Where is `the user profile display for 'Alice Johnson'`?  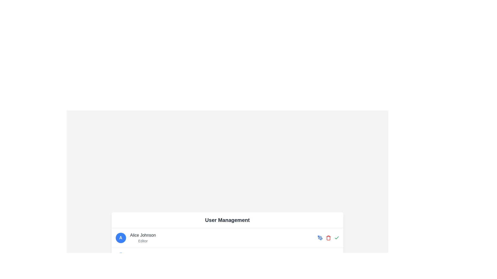 the user profile display for 'Alice Johnson' is located at coordinates (136, 238).